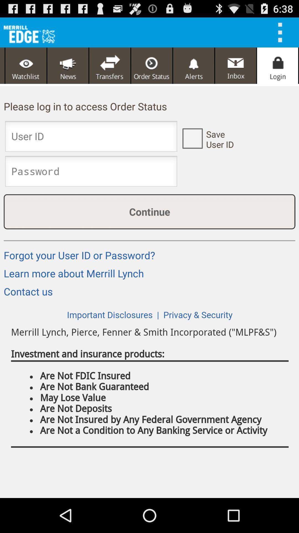 This screenshot has width=299, height=533. I want to click on watchlist, so click(26, 66).